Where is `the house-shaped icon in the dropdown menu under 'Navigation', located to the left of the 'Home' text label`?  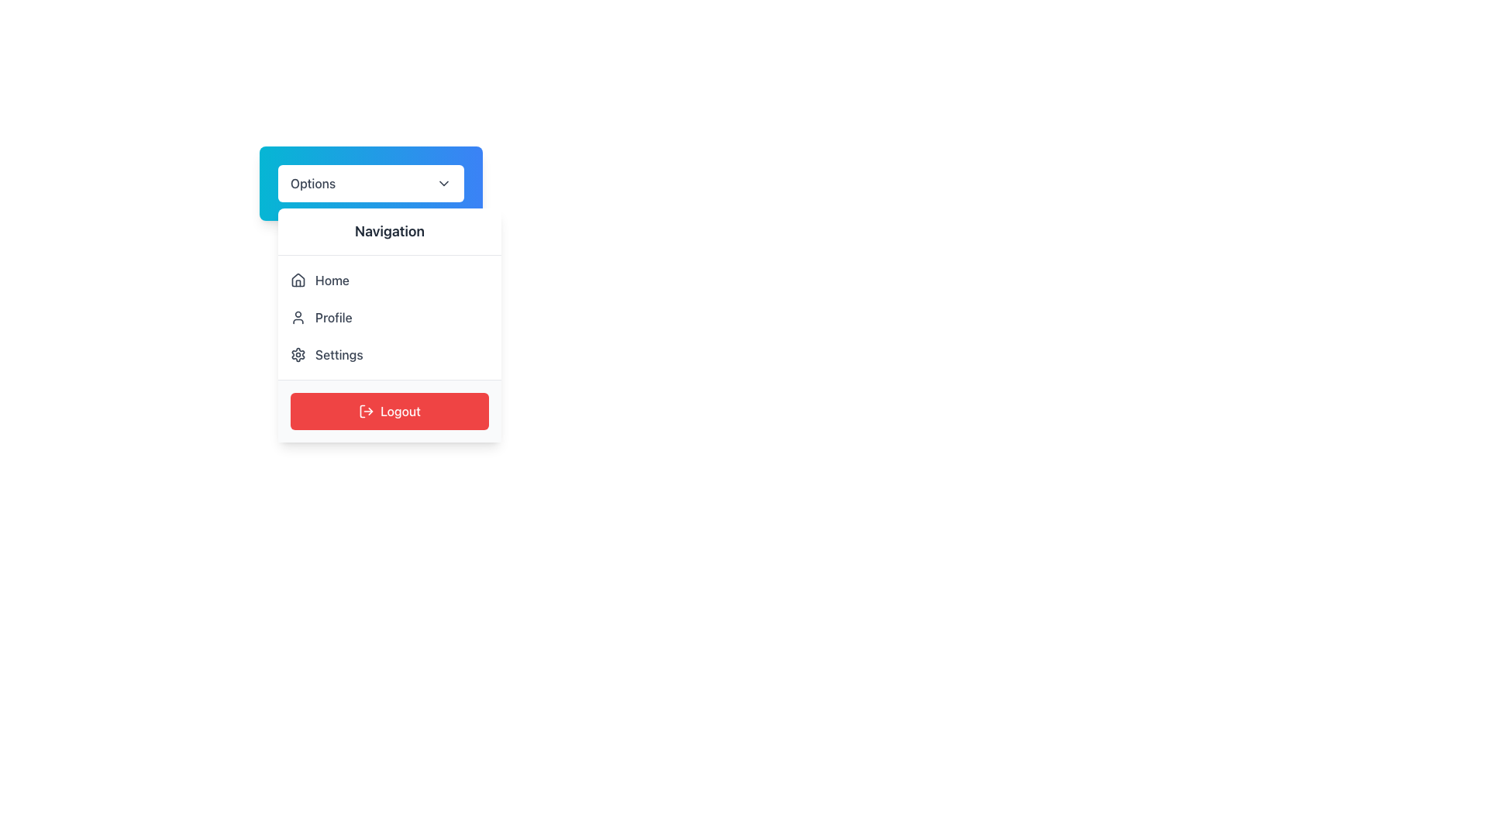 the house-shaped icon in the dropdown menu under 'Navigation', located to the left of the 'Home' text label is located at coordinates (298, 281).